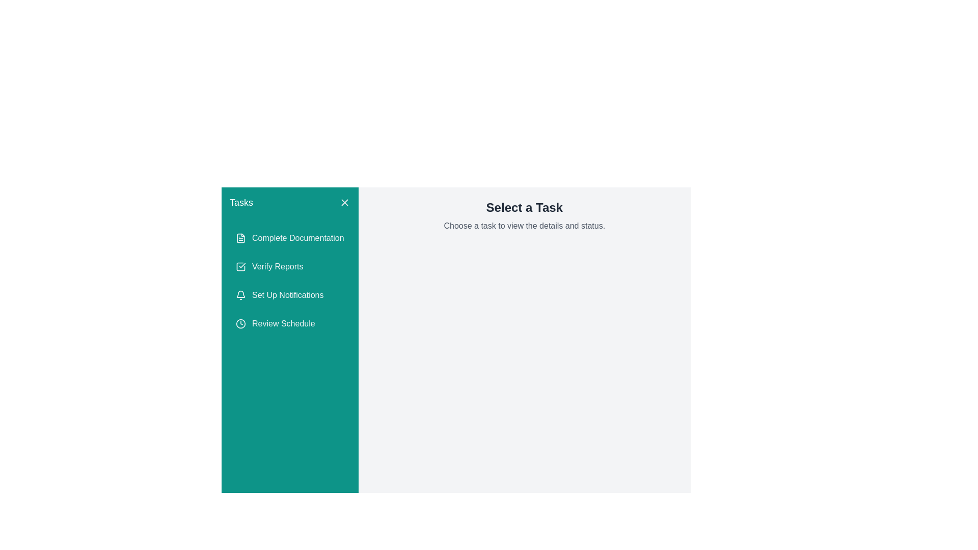 This screenshot has height=550, width=978. I want to click on the teal square icon with a checkmark inside, which is located second from the top in the sidebar, next to the 'Verify Reports' text, so click(240, 266).